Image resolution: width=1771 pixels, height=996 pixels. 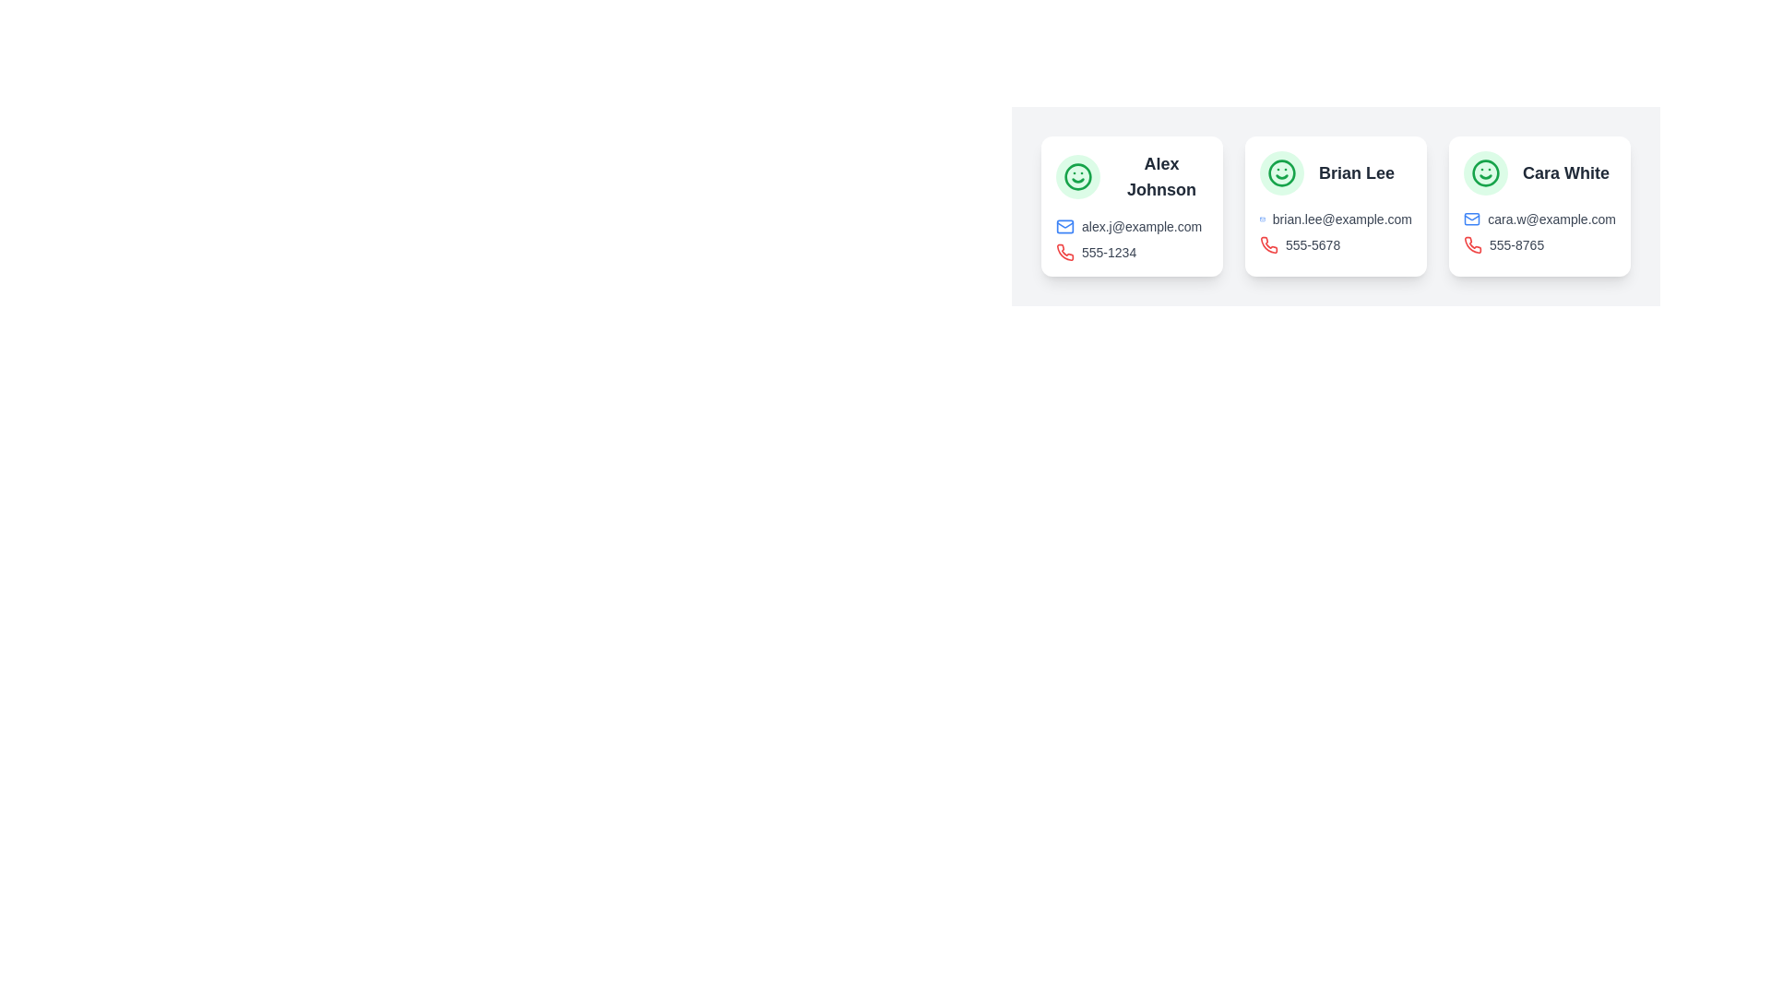 I want to click on the text label displaying 'Alex Johnson', which is centrally aligned within the first card of a horizontally arranged group of three cards, so click(x=1160, y=177).